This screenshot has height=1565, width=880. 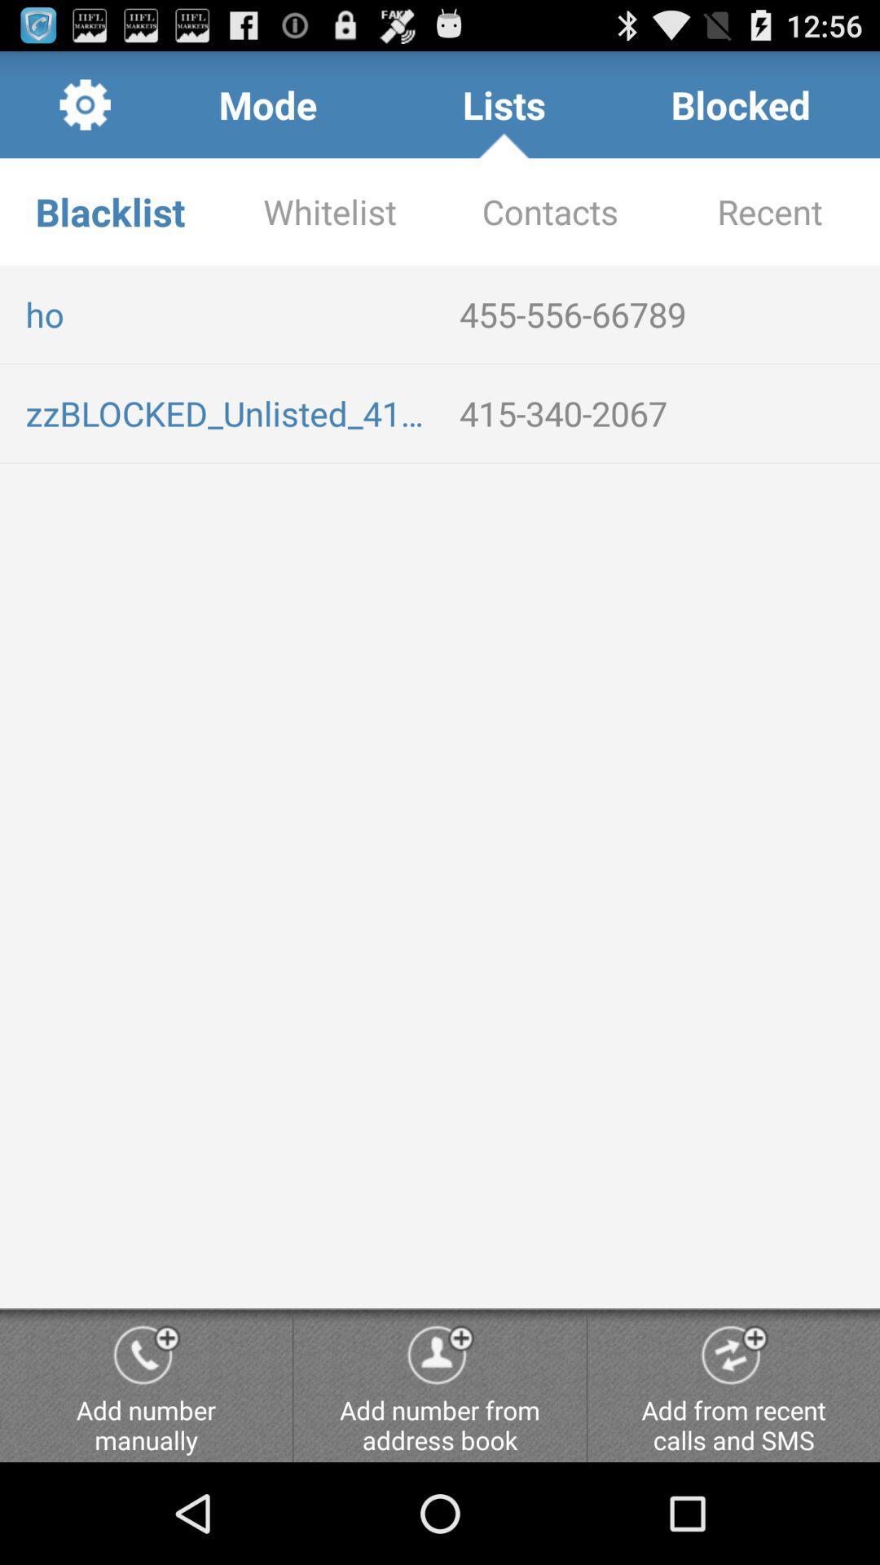 I want to click on app to the left of the contacts item, so click(x=330, y=210).